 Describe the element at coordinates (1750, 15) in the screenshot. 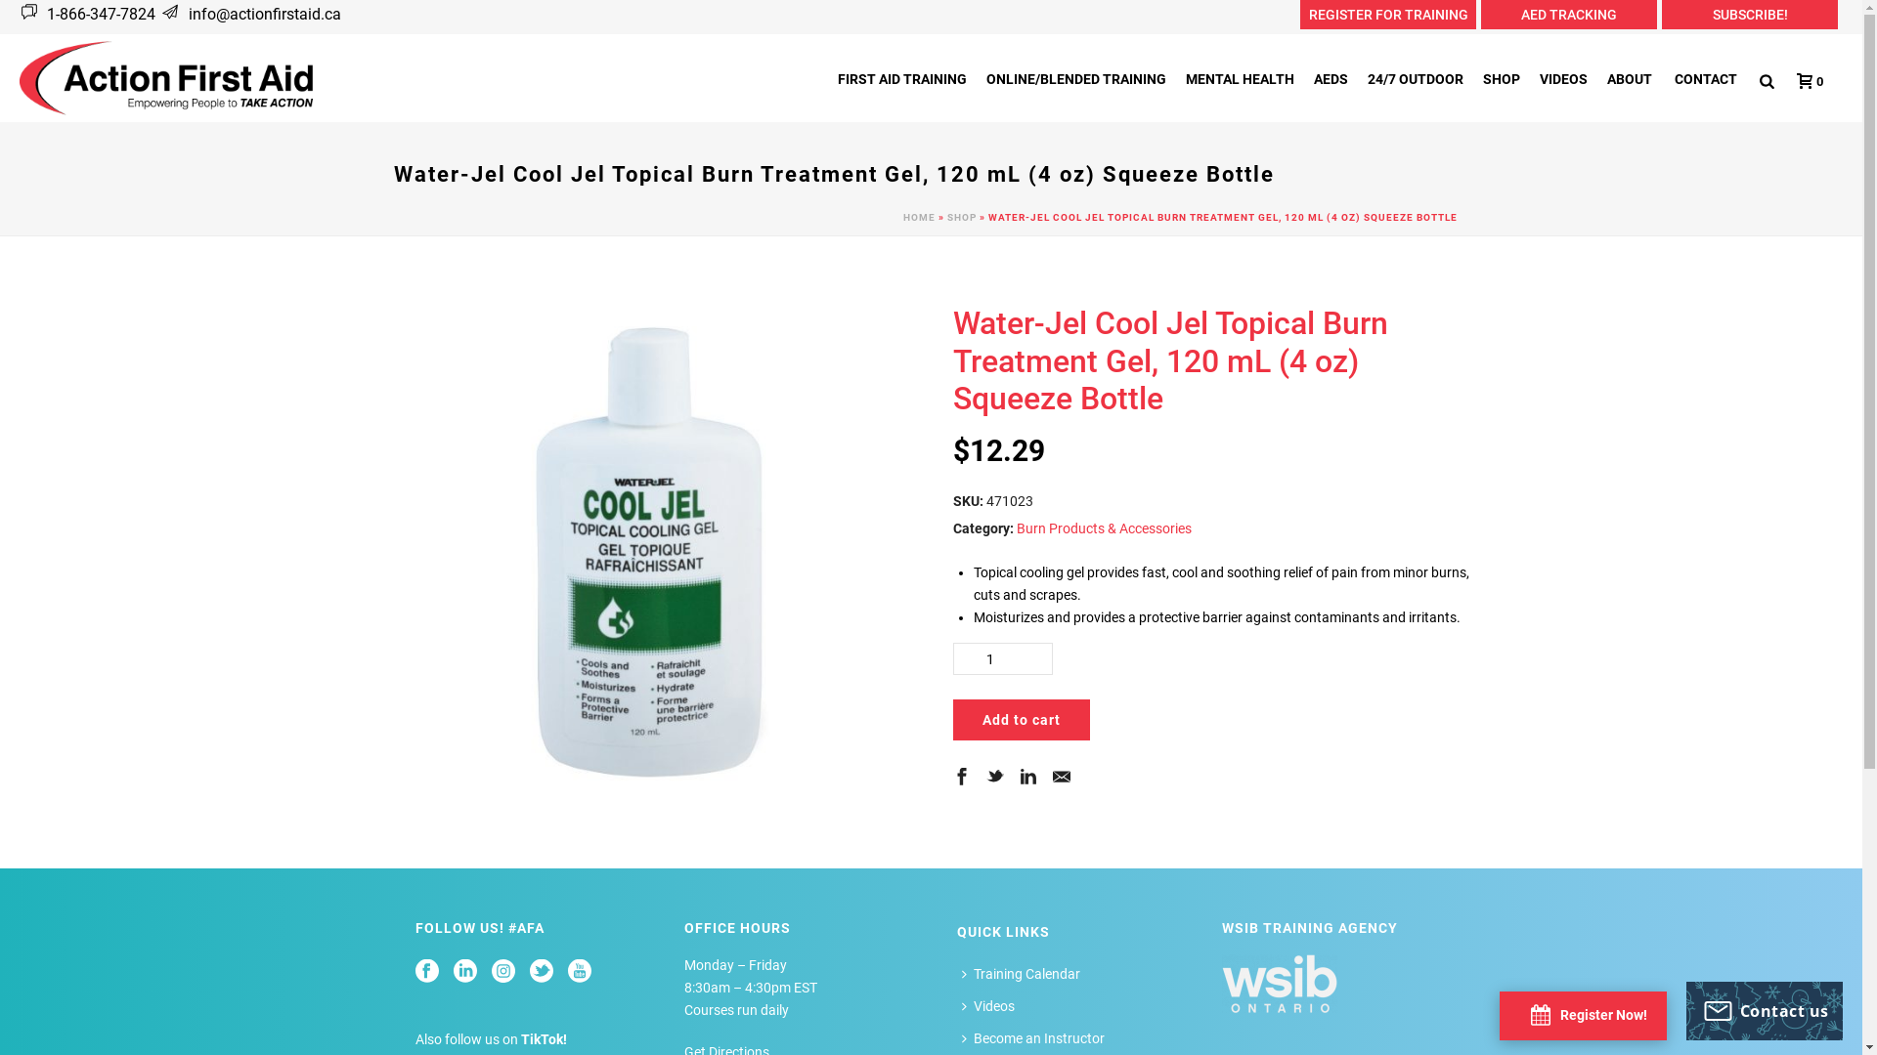

I see `'SUBSCRIBE!'` at that location.